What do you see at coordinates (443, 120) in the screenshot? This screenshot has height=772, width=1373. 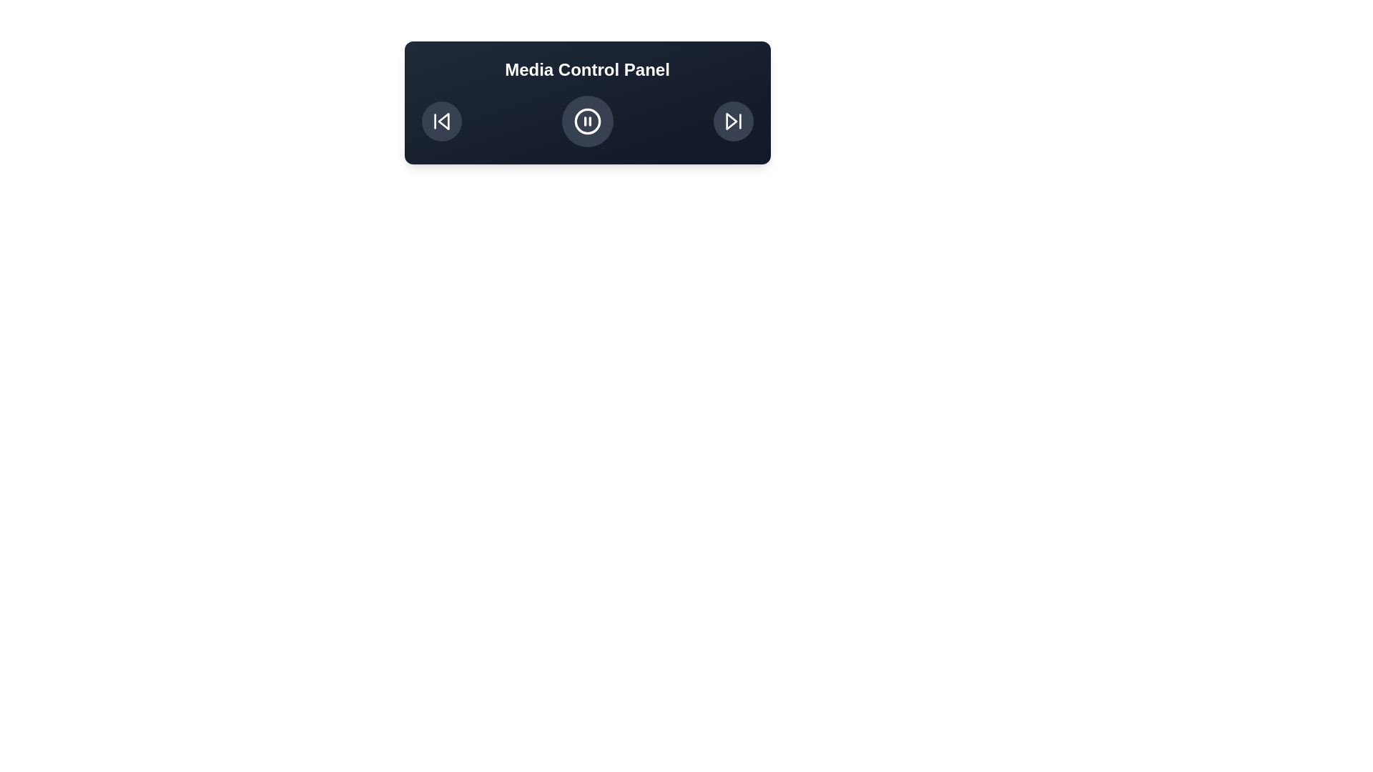 I see `the SVG line icon located in the leftmost button of the media control panel` at bounding box center [443, 120].